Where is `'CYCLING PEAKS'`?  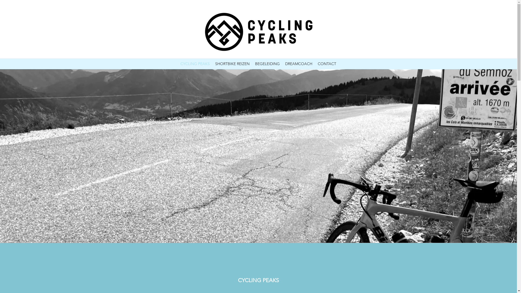
'CYCLING PEAKS' is located at coordinates (195, 63).